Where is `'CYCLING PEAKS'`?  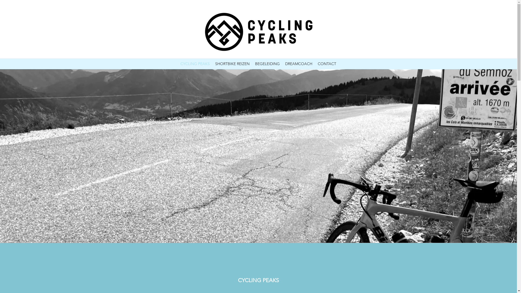
'CYCLING PEAKS' is located at coordinates (195, 63).